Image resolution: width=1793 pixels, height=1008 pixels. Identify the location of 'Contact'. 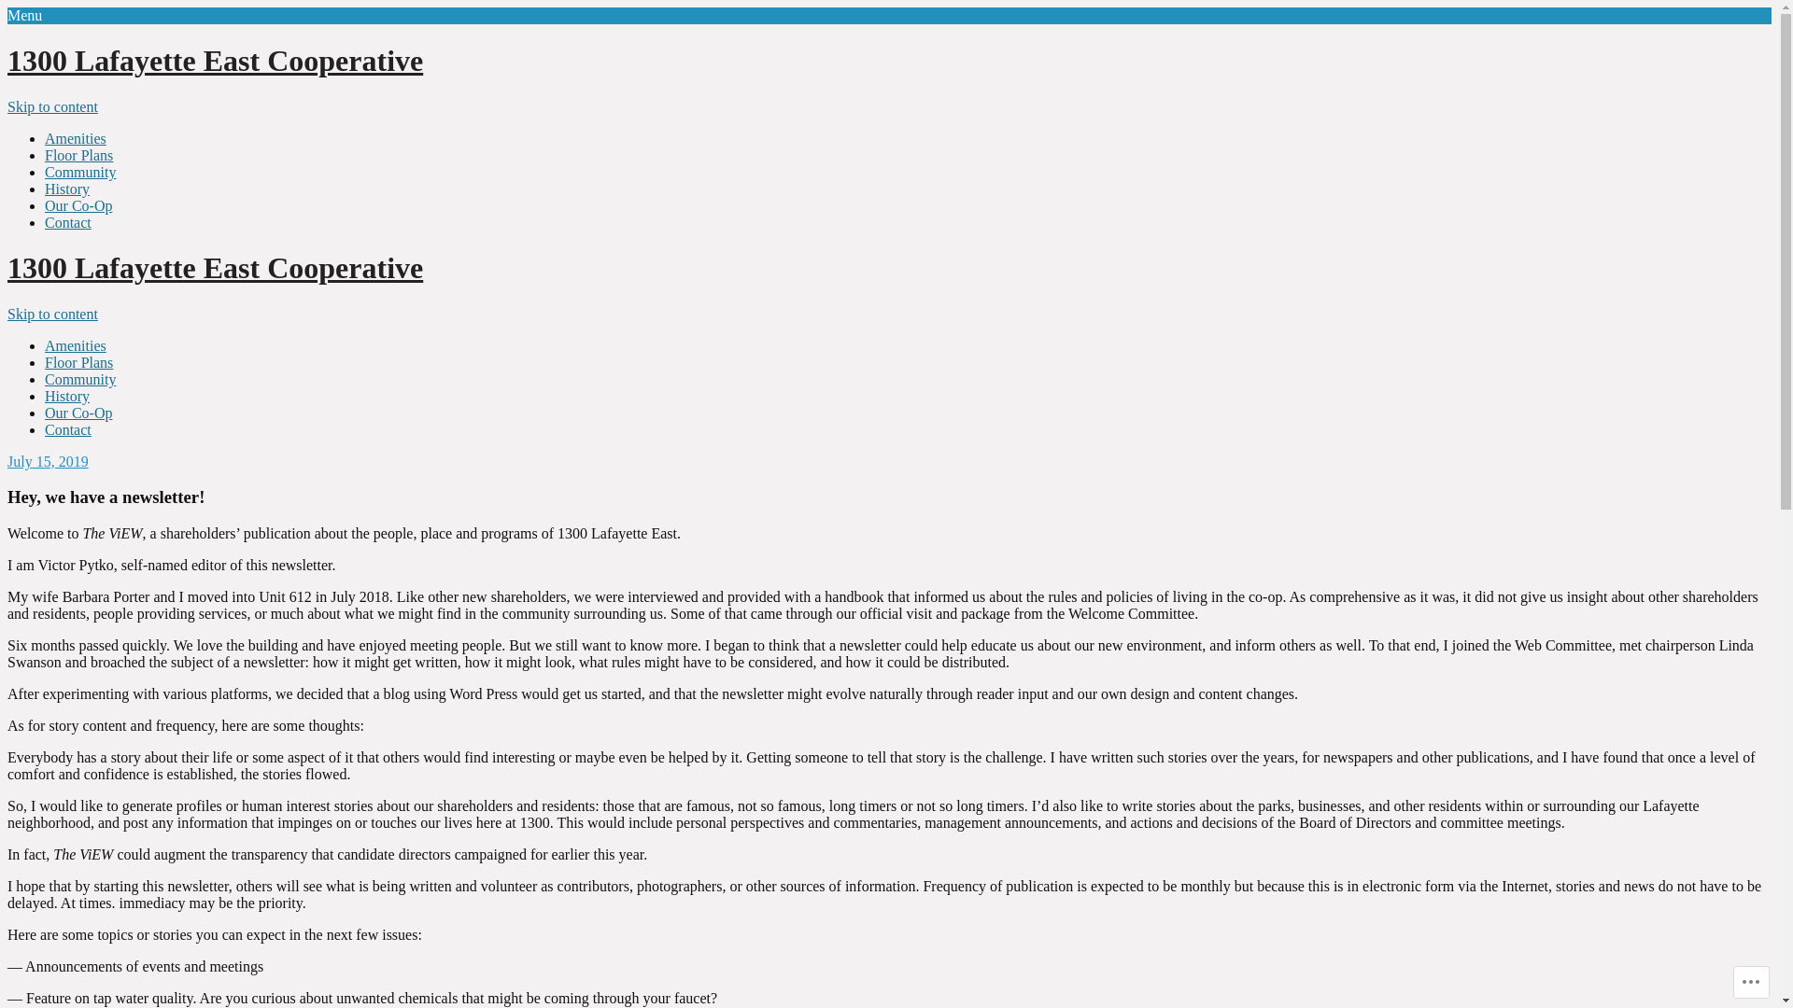
(67, 221).